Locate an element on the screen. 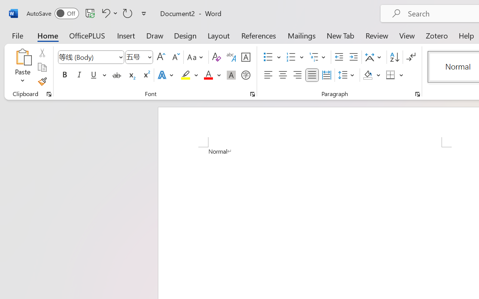 This screenshot has width=479, height=299. 'Align Right' is located at coordinates (297, 75).